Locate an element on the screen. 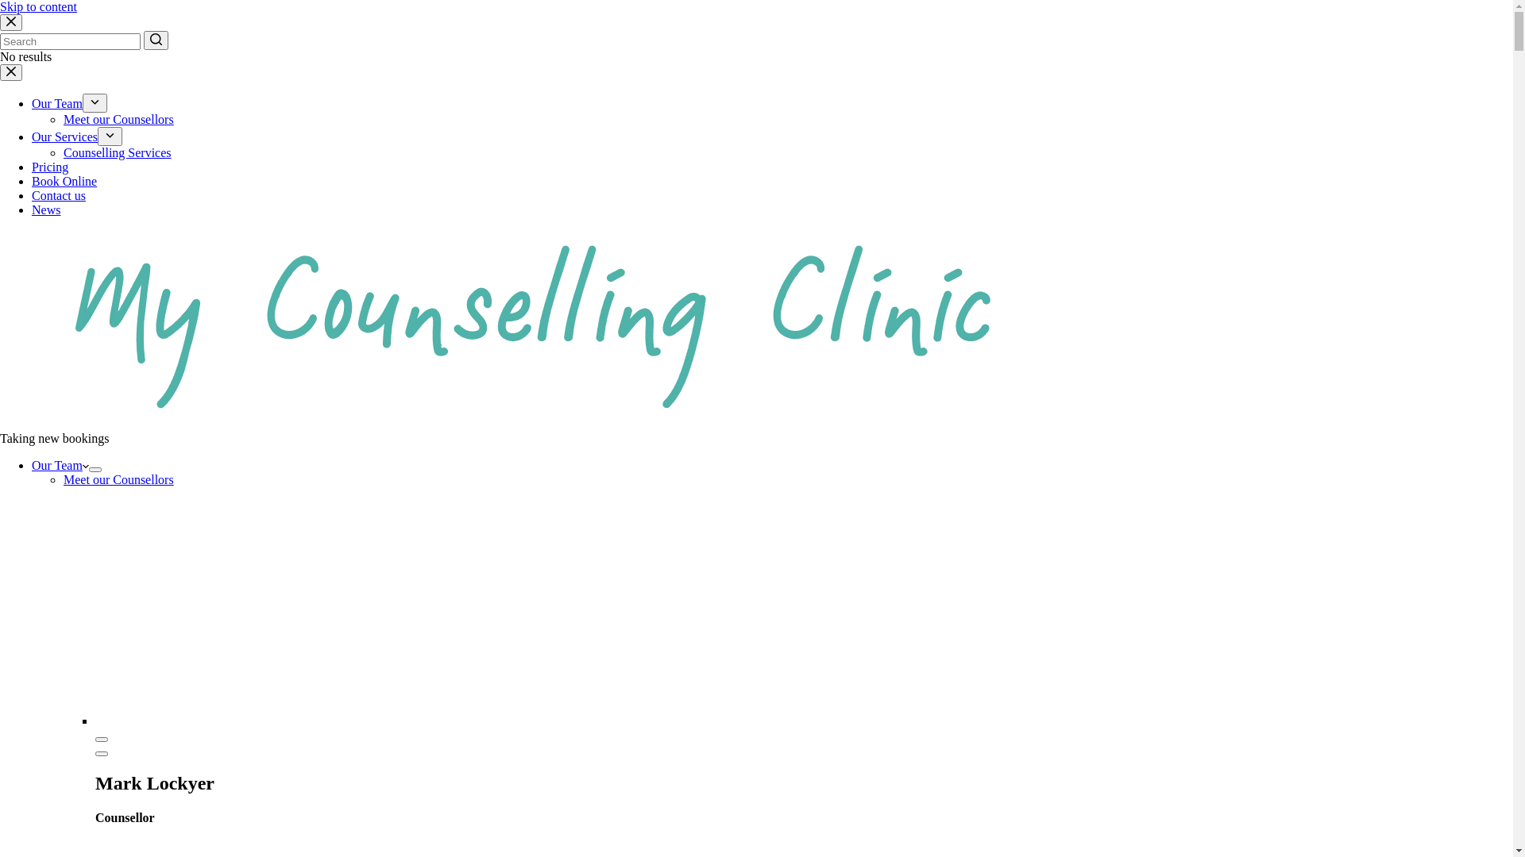  'Meet our Counsellors' is located at coordinates (64, 118).